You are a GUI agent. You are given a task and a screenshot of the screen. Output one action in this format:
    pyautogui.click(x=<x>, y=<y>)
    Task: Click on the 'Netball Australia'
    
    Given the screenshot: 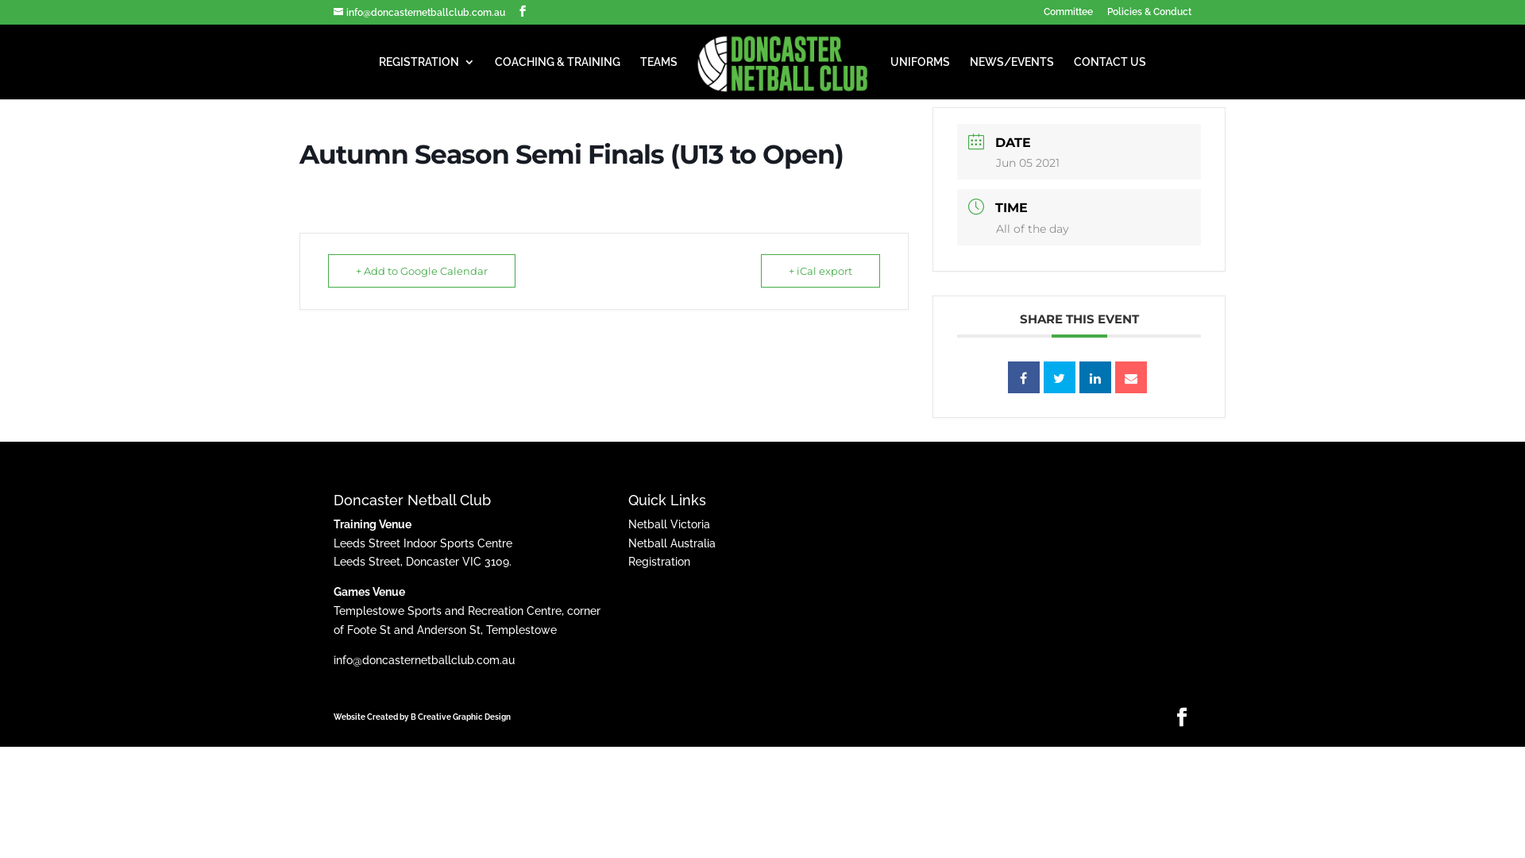 What is the action you would take?
    pyautogui.click(x=671, y=542)
    